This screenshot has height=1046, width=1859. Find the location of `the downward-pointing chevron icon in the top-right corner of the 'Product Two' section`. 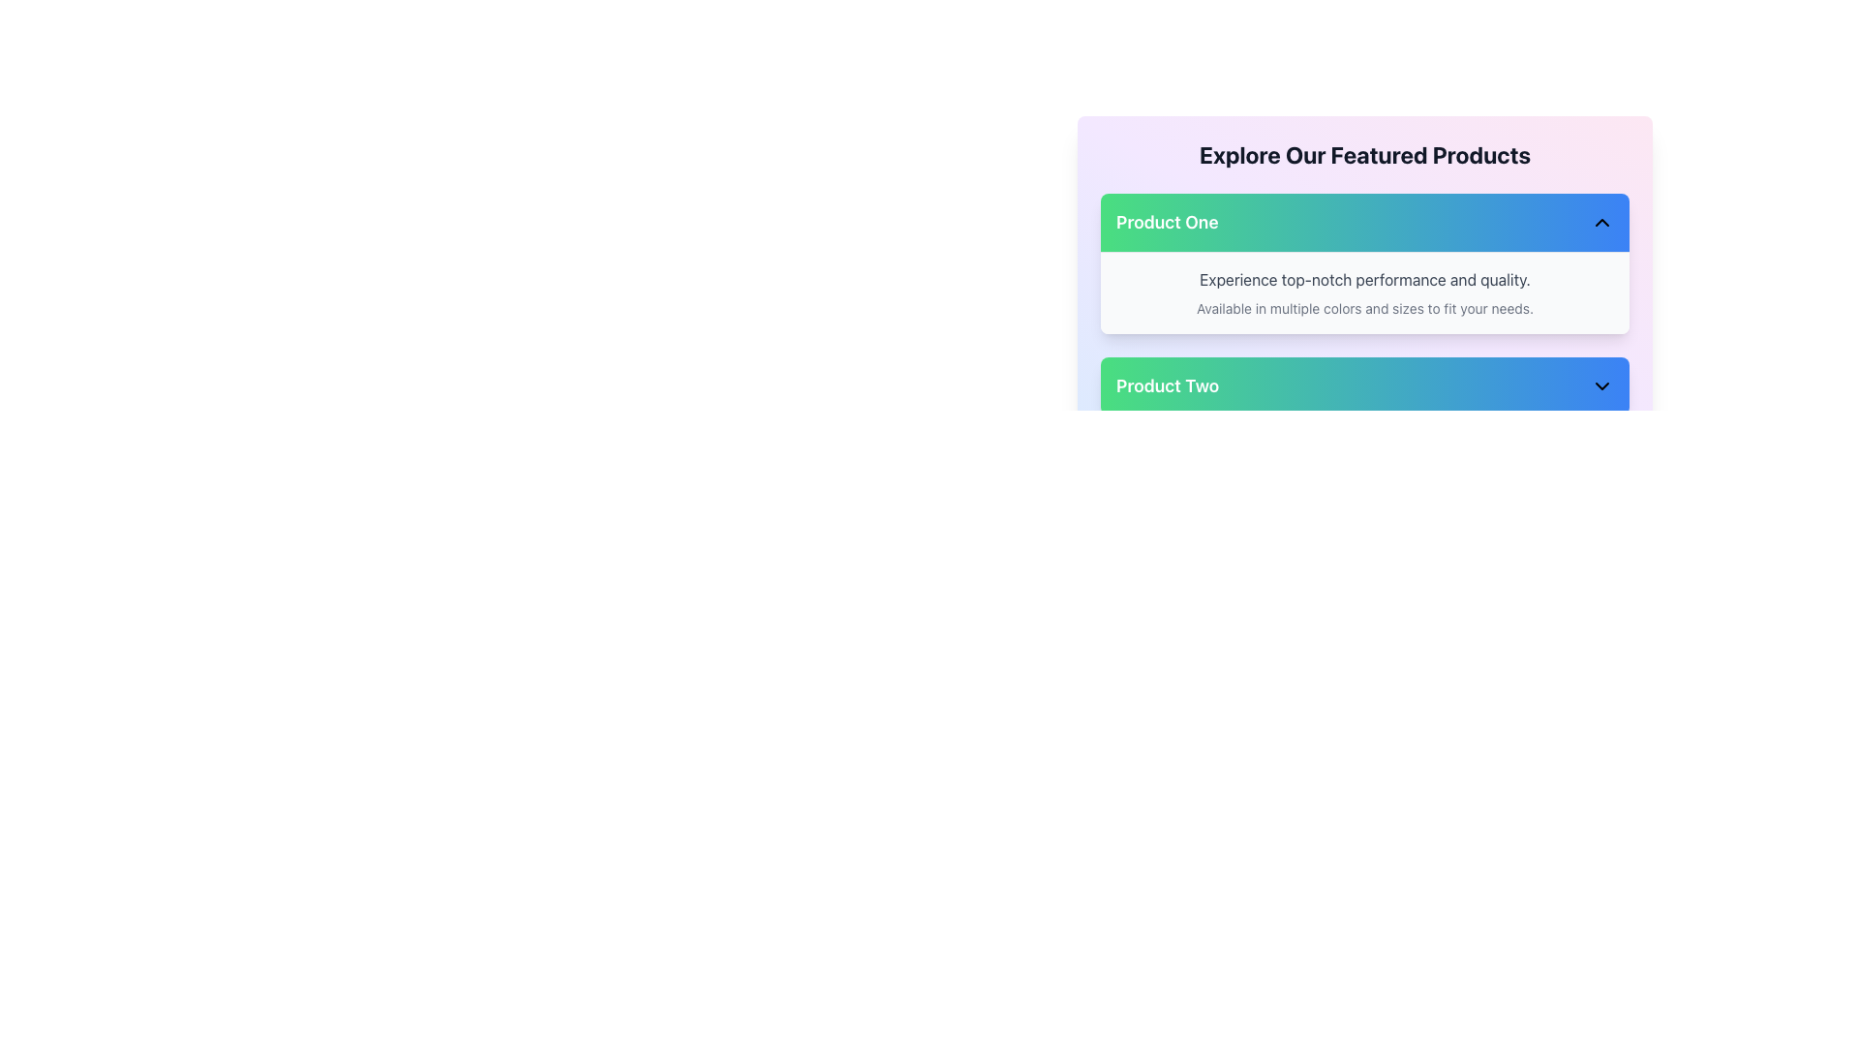

the downward-pointing chevron icon in the top-right corner of the 'Product Two' section is located at coordinates (1602, 385).